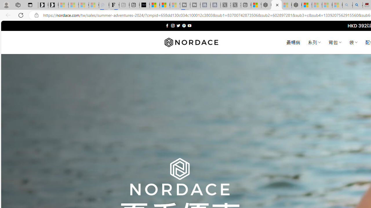 The height and width of the screenshot is (208, 371). Describe the element at coordinates (155, 5) in the screenshot. I see `'Microsoft Start Sports'` at that location.